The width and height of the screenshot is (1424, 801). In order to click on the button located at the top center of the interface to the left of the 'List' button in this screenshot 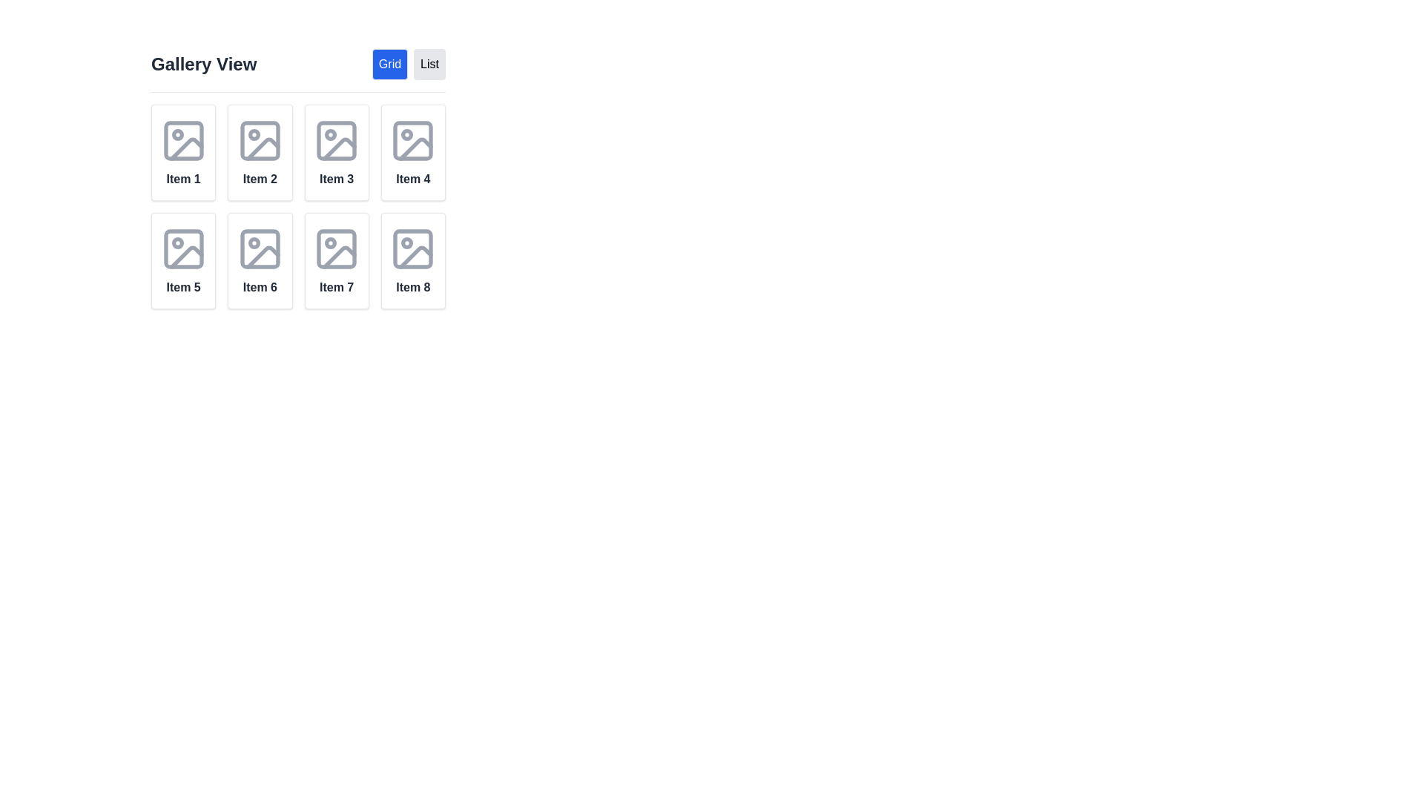, I will do `click(389, 64)`.